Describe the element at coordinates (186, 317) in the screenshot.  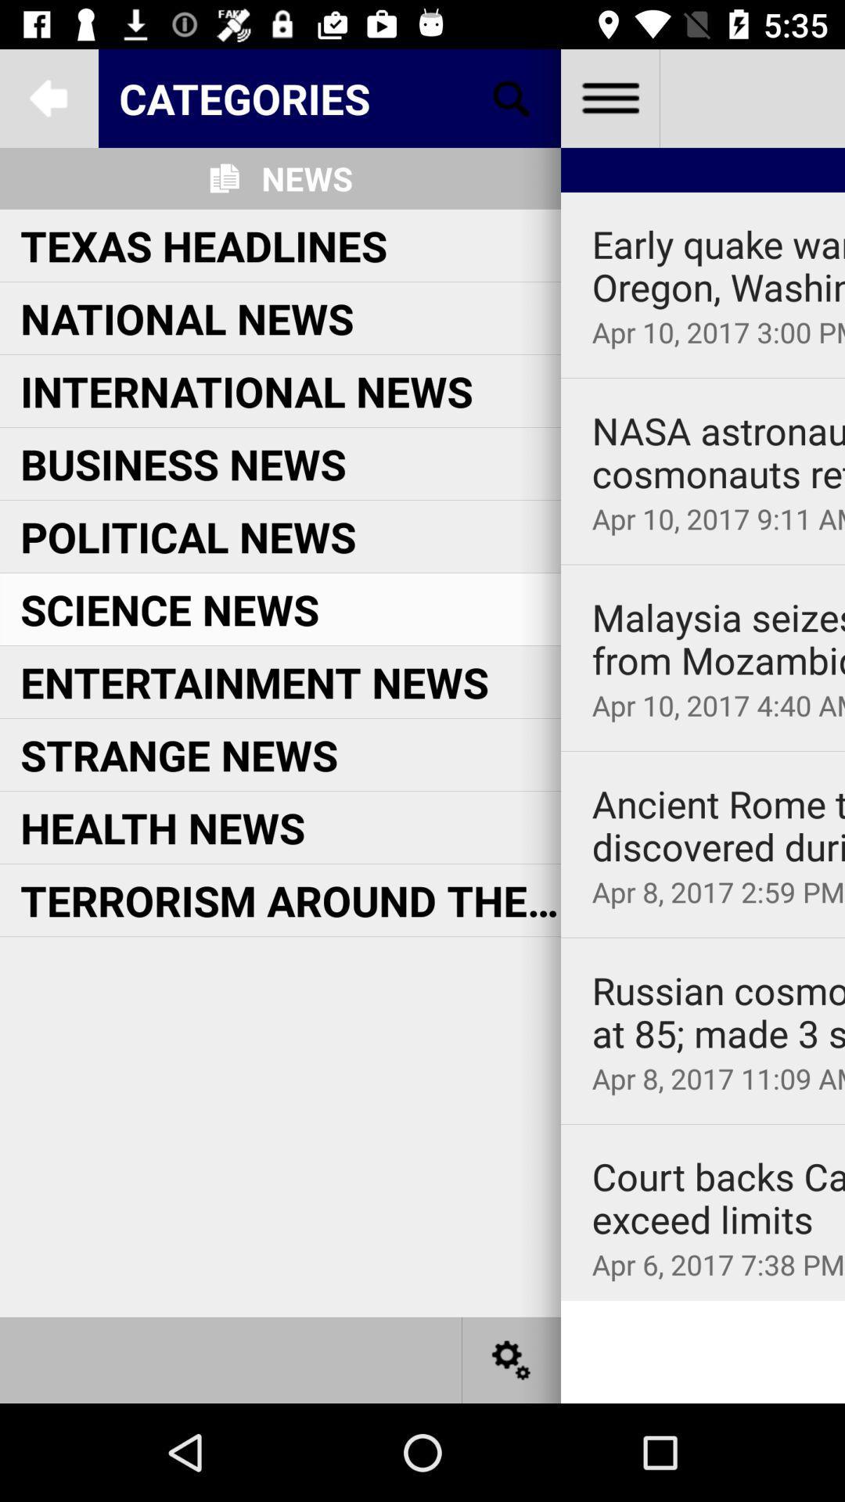
I see `icon below texas headlines item` at that location.